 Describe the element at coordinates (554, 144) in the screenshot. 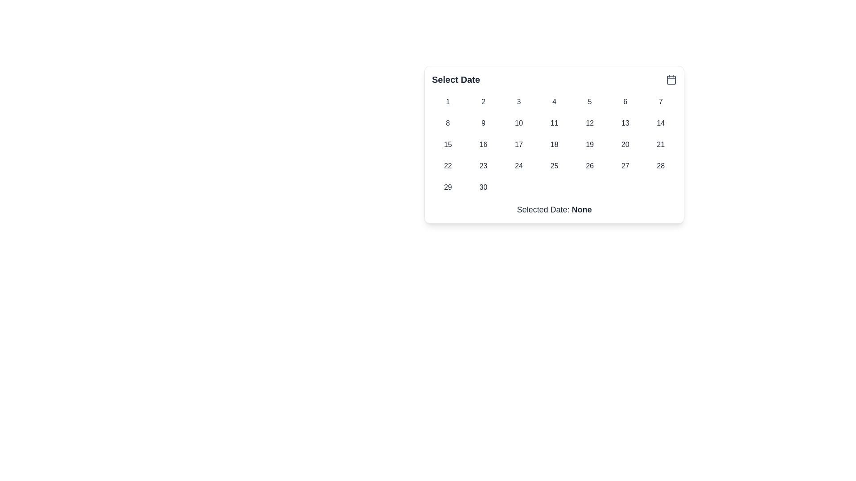

I see `the date button in the grid of buttons representing dates located in the center of the calendar interface below the heading titled 'Select Date'` at that location.